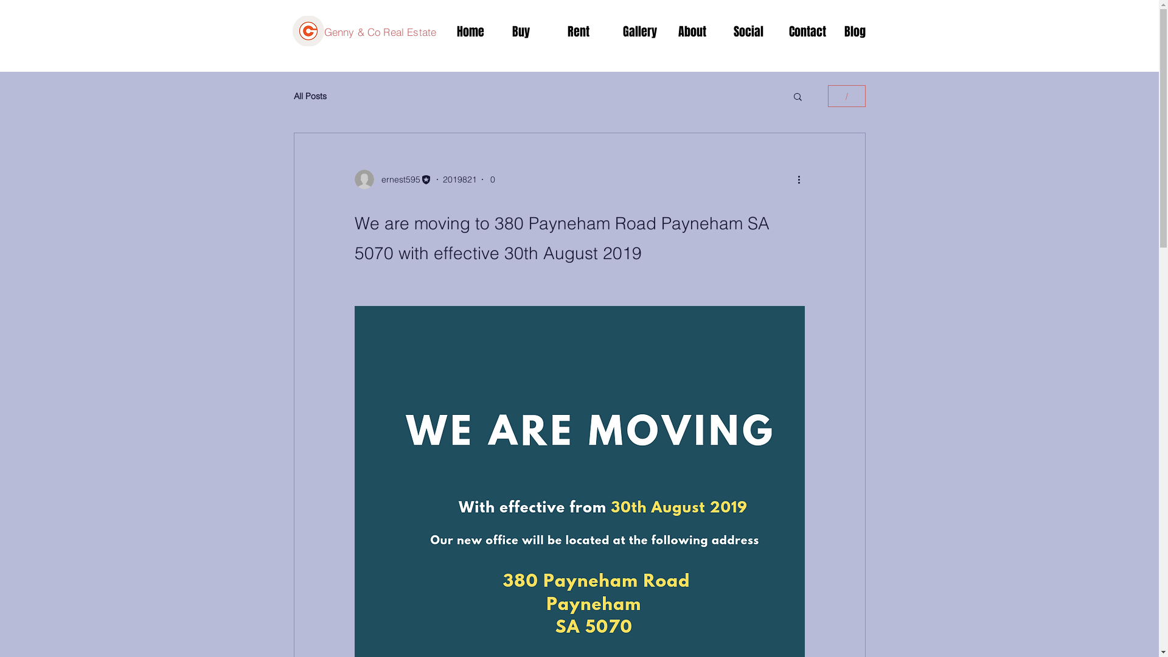 Image resolution: width=1168 pixels, height=657 pixels. What do you see at coordinates (474, 30) in the screenshot?
I see `'Home'` at bounding box center [474, 30].